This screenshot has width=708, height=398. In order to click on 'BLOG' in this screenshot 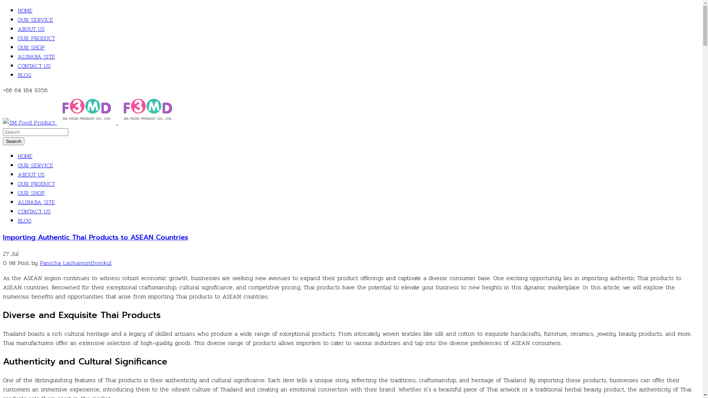, I will do `click(24, 75)`.